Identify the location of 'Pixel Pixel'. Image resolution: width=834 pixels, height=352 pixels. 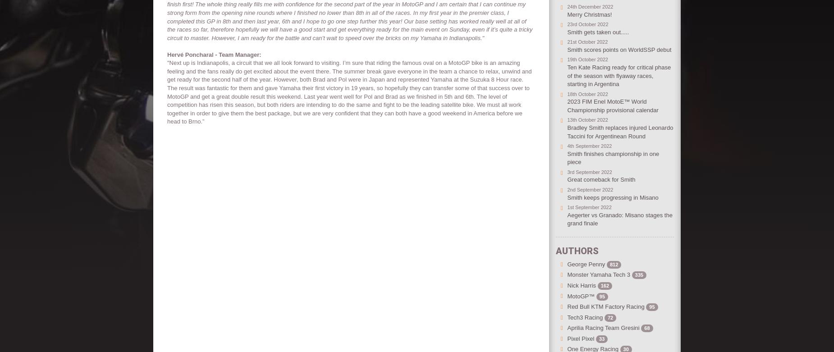
(581, 338).